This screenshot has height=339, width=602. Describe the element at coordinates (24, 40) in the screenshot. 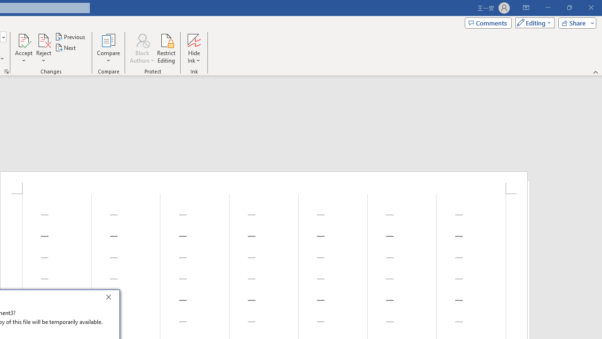

I see `'Accept and Move to Next'` at that location.